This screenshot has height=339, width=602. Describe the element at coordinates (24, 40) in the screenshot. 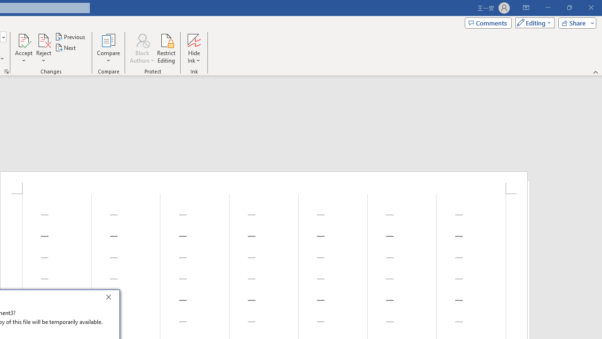

I see `'Accept and Move to Next'` at that location.